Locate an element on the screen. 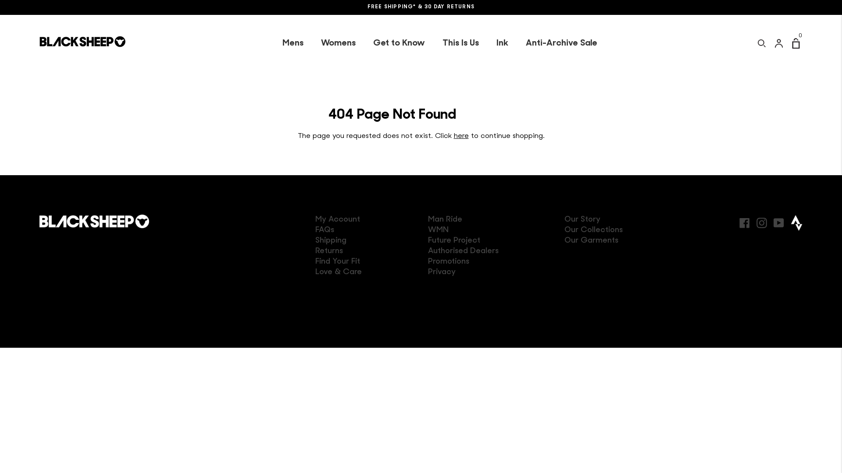  'Man Ride' is located at coordinates (445, 219).